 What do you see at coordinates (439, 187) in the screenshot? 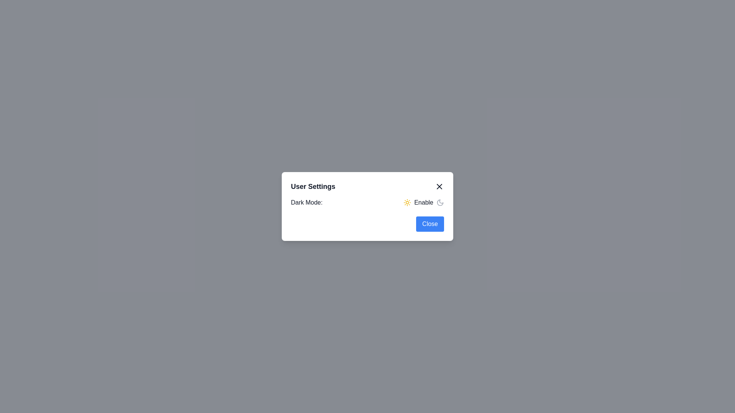
I see `the close button icon resembling an 'X' located in the top-right corner of the 'User Settings' dialog box` at bounding box center [439, 187].